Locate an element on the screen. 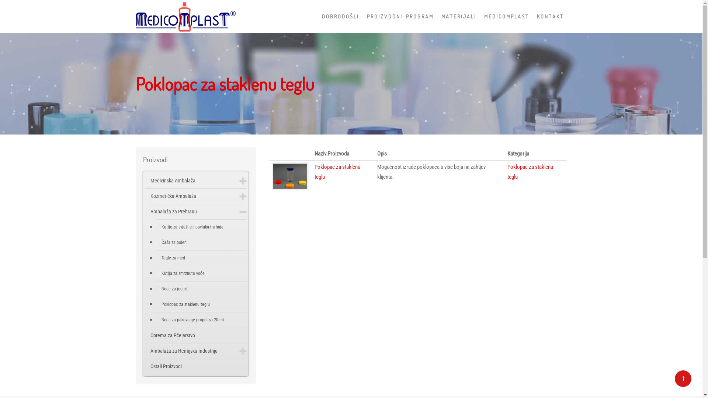  'Medicomplast' is located at coordinates (136, 14).